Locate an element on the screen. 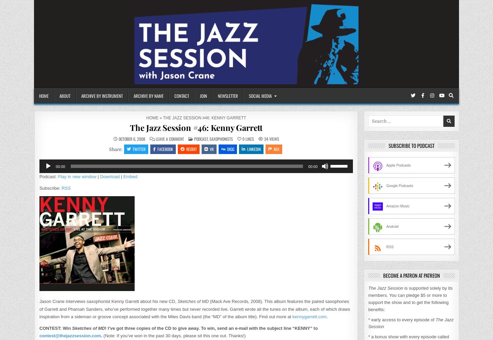  'kennygarrett.com' is located at coordinates (309, 316).